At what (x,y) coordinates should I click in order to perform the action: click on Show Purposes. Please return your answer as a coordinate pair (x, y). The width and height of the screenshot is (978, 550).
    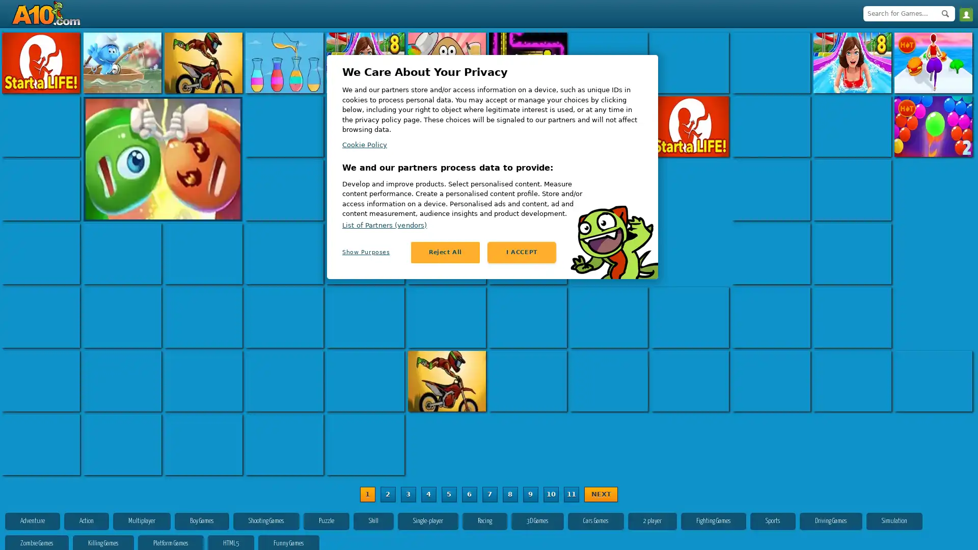
    Looking at the image, I should click on (376, 252).